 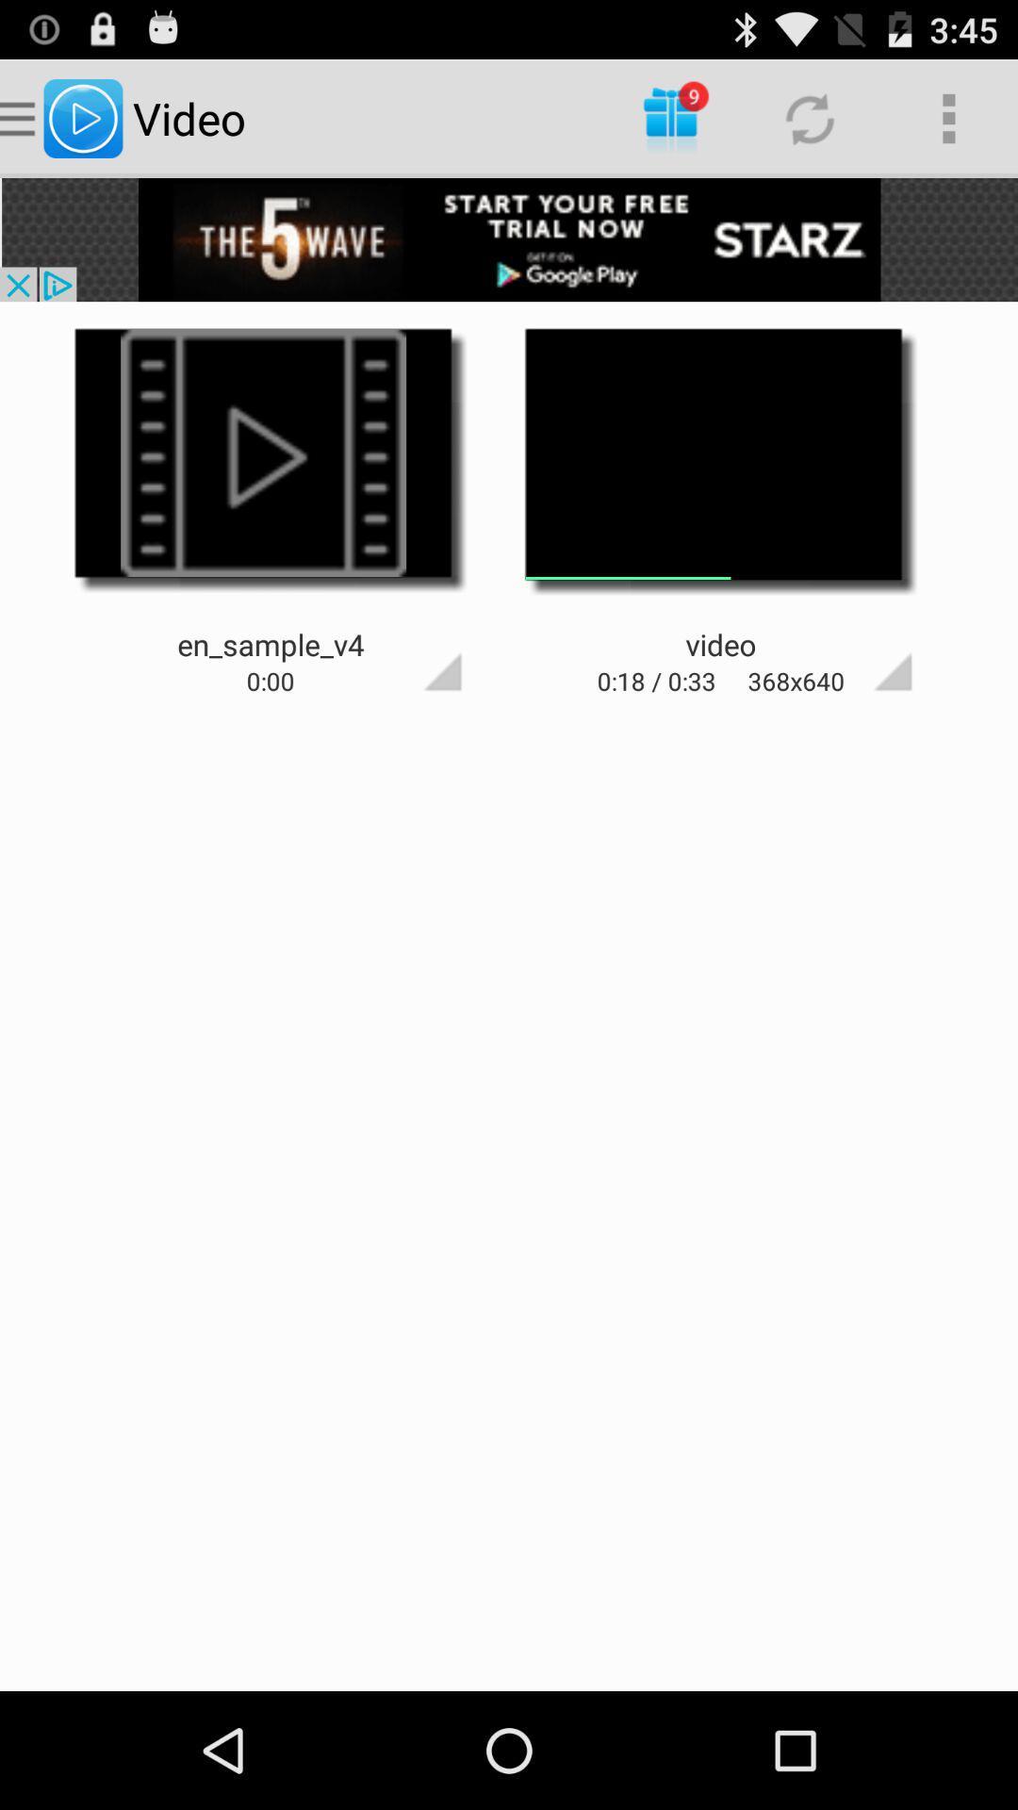 I want to click on google page, so click(x=859, y=638).